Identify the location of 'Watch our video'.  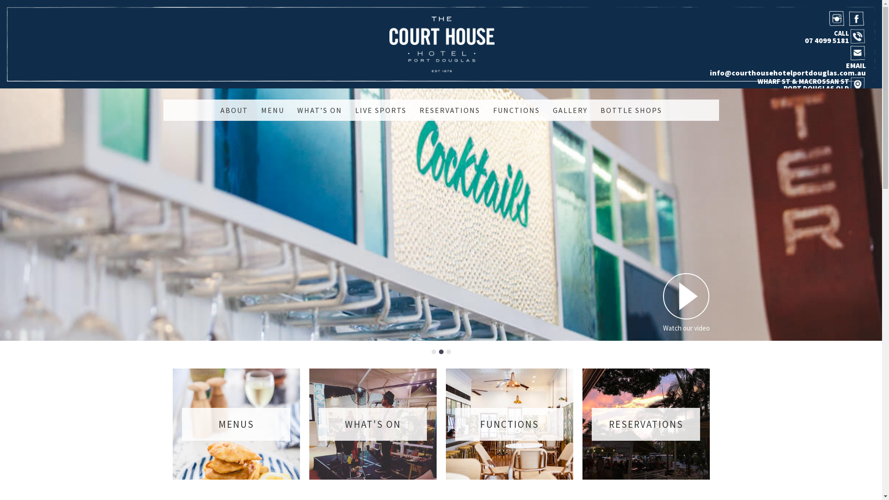
(686, 302).